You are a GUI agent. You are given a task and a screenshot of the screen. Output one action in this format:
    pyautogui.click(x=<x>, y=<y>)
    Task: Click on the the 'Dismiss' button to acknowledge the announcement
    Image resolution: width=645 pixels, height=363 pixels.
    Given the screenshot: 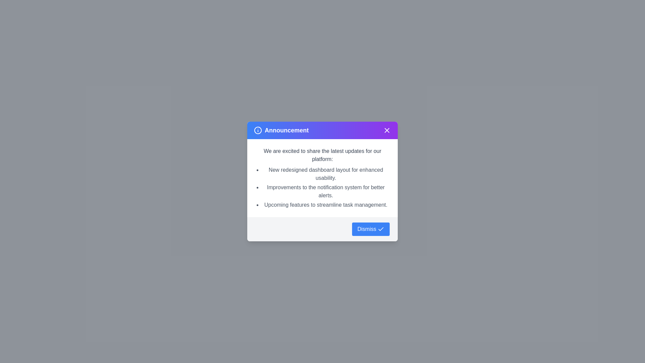 What is the action you would take?
    pyautogui.click(x=371, y=229)
    